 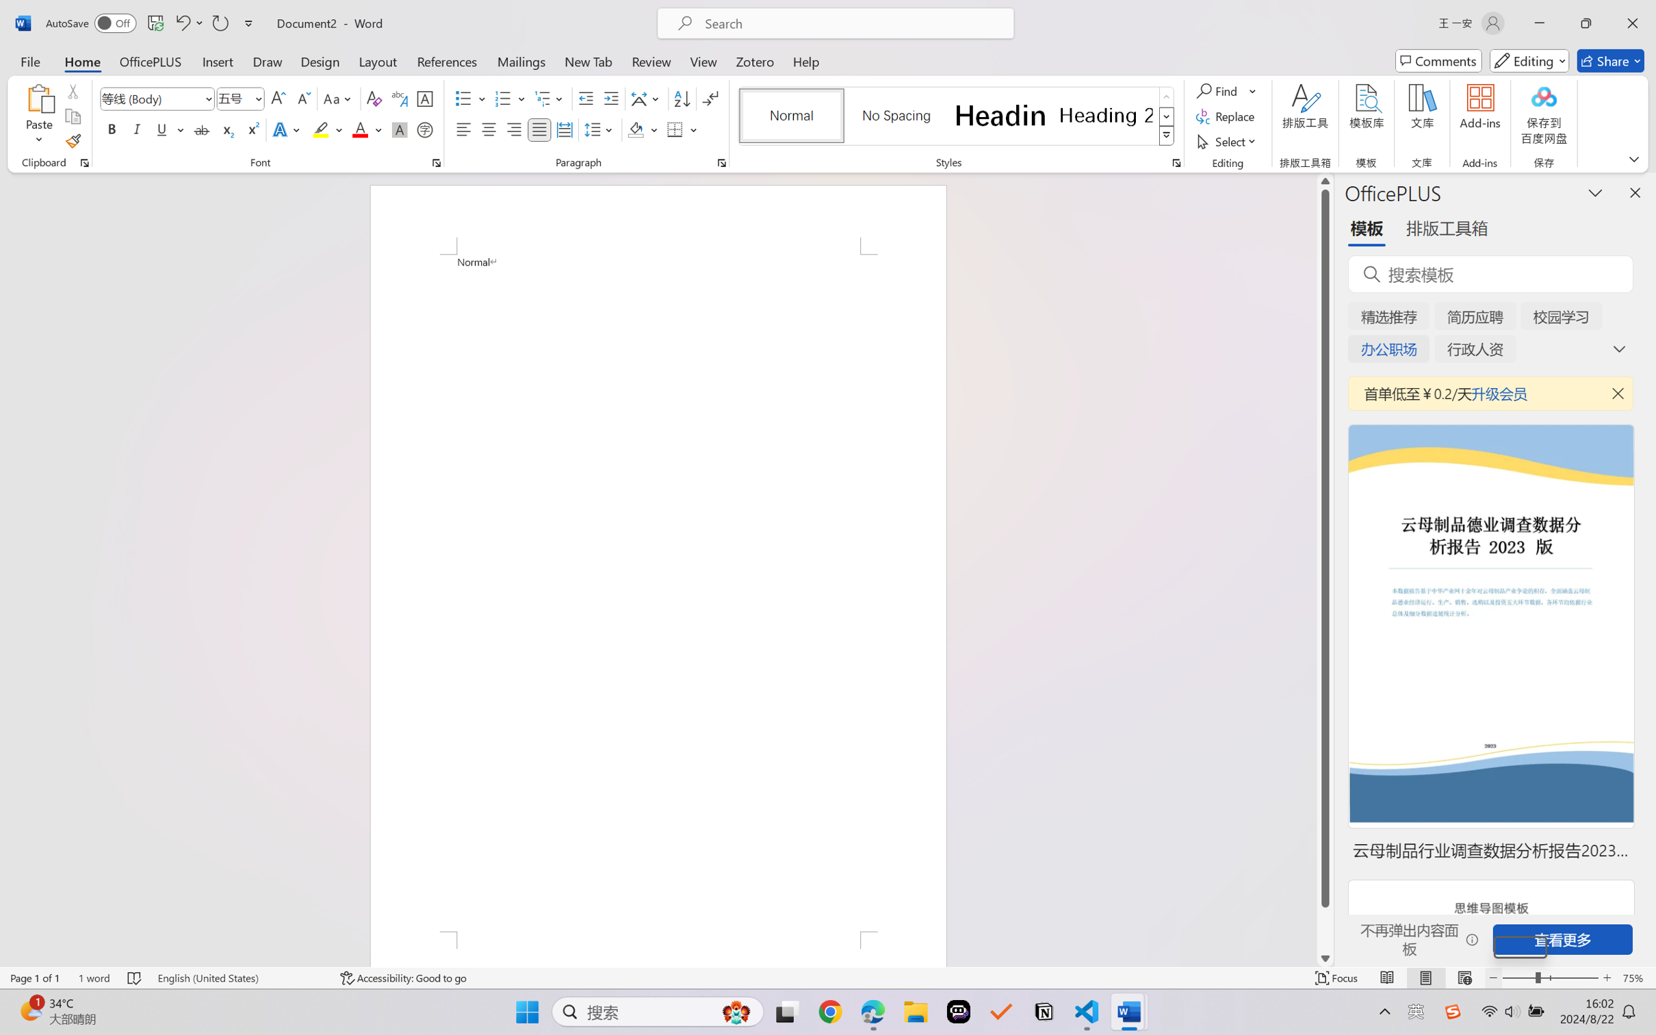 I want to click on 'Zoom Out', so click(x=1520, y=947).